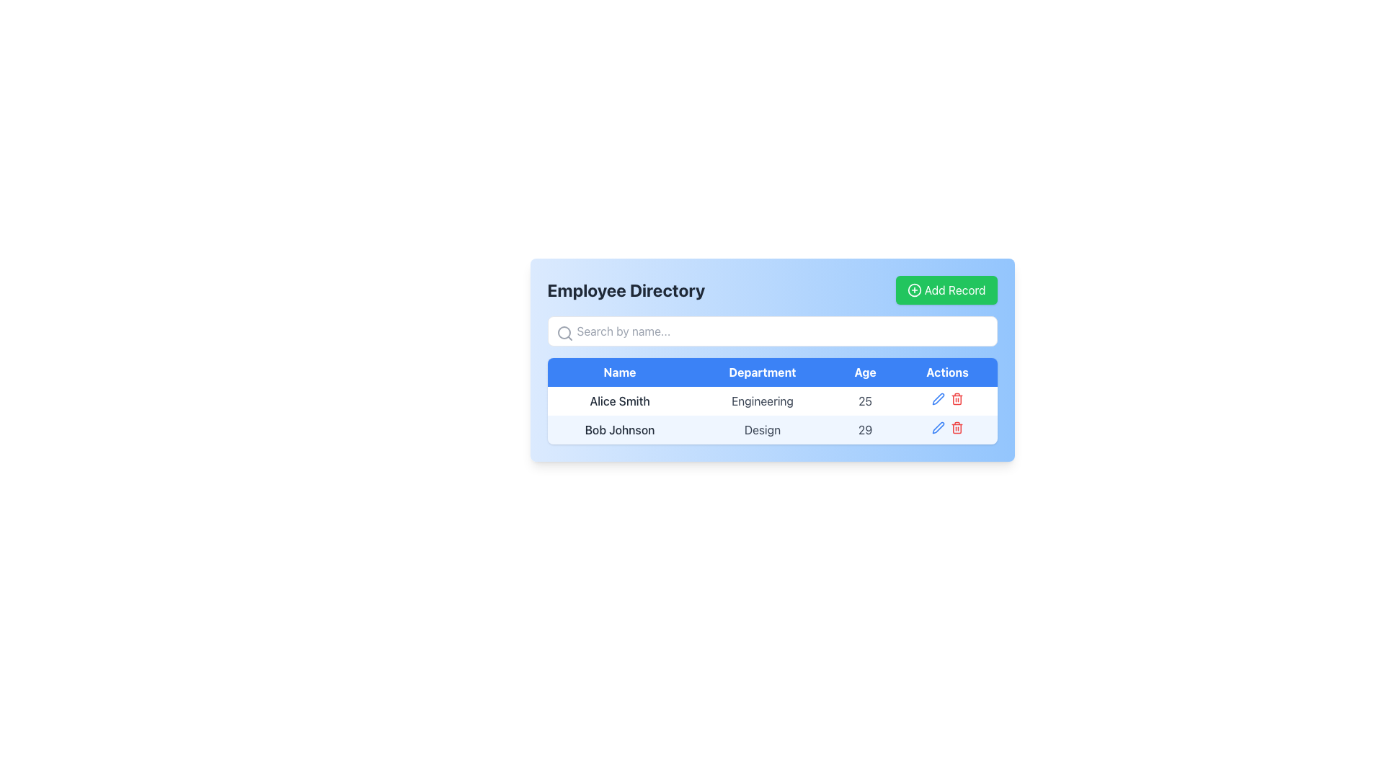 Image resolution: width=1384 pixels, height=778 pixels. What do you see at coordinates (938, 399) in the screenshot?
I see `the clickable edit icon in the 'Actions' column of the second row in the 'Employee Directory' layout, associated with 'Bob Johnson'` at bounding box center [938, 399].